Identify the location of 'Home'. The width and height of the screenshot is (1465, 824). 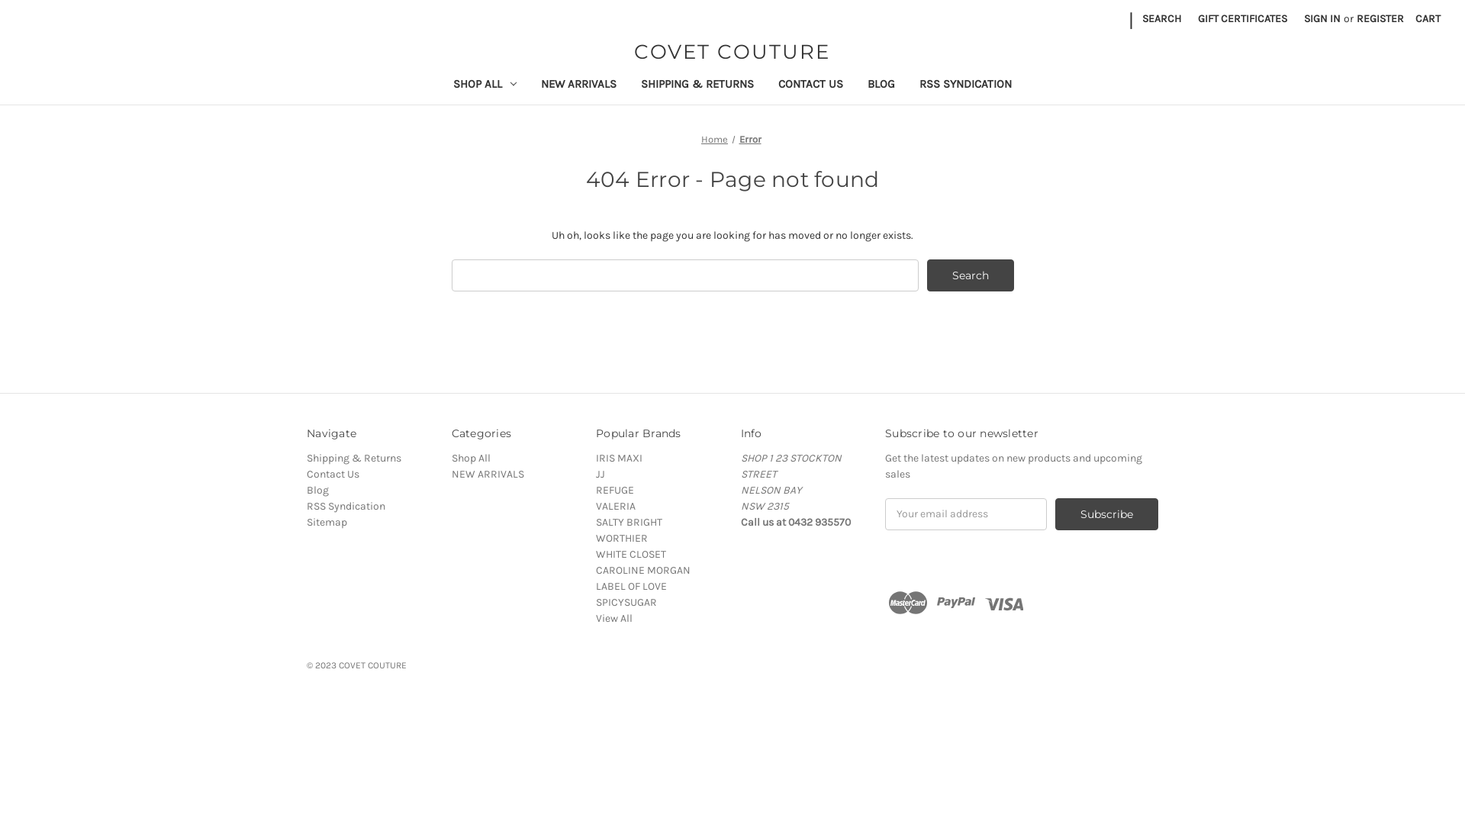
(713, 139).